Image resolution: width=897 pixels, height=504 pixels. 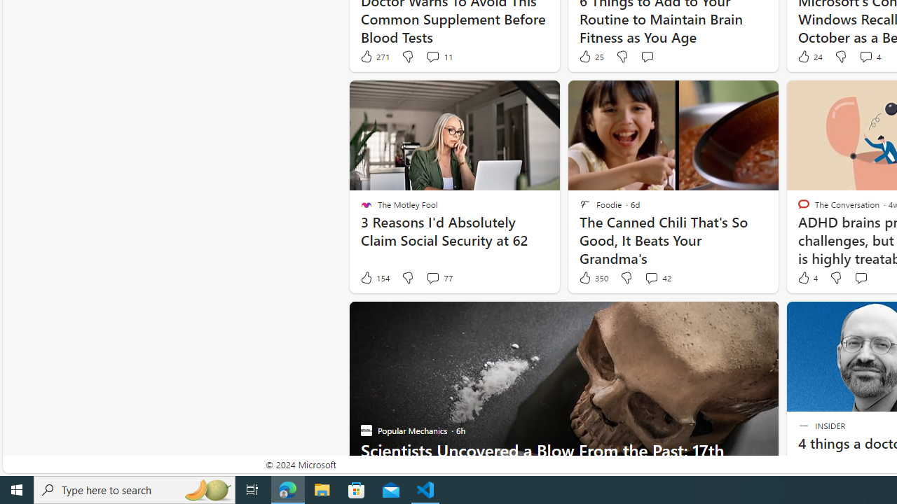 I want to click on 'View comments 4 Comment', so click(x=868, y=56).